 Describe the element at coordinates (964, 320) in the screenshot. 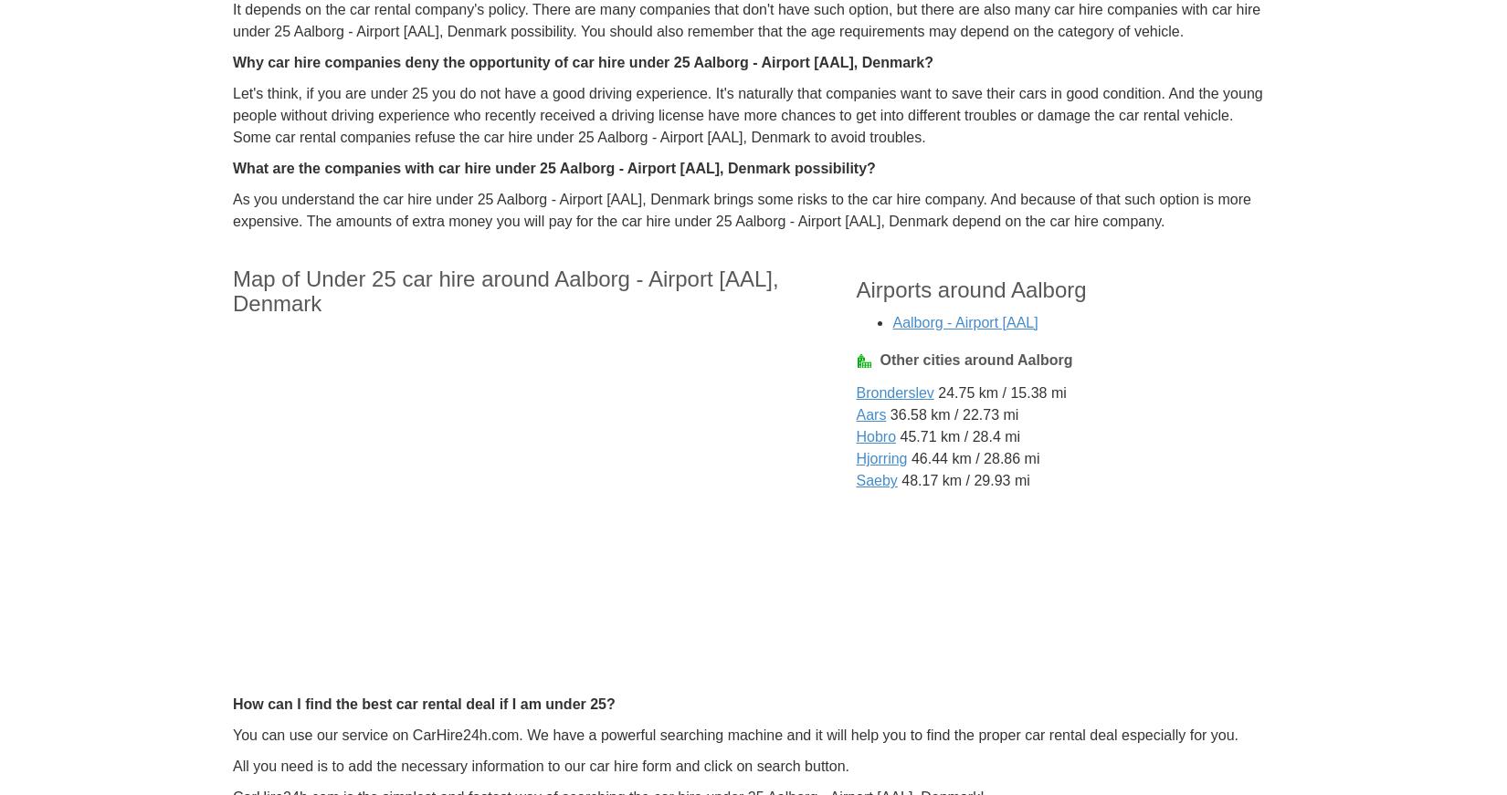

I see `'Aalborg - Airport [AAL]'` at that location.